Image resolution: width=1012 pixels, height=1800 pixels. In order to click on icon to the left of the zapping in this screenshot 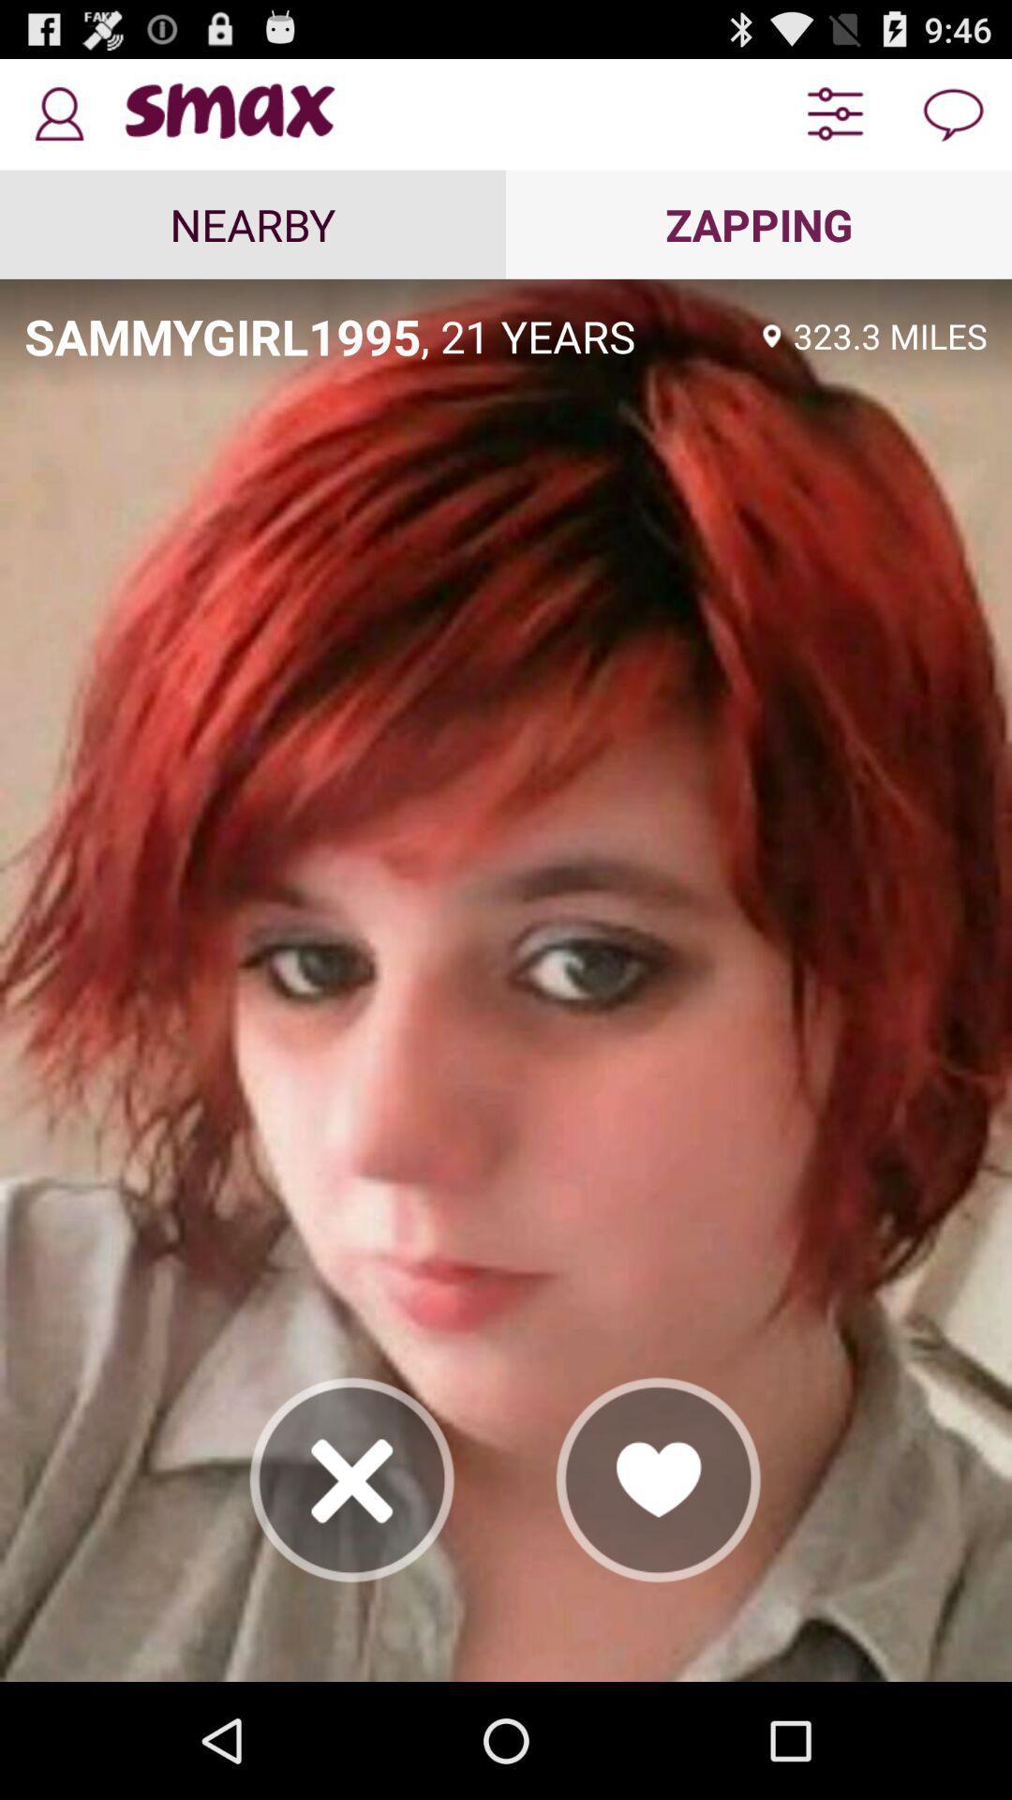, I will do `click(253, 224)`.